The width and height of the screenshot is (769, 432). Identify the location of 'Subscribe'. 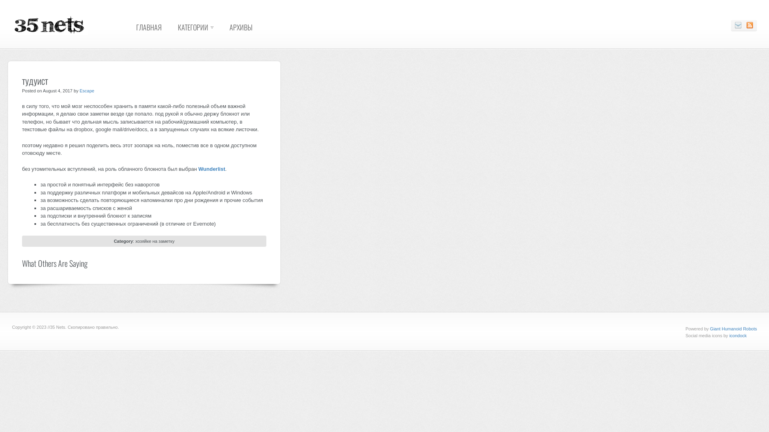
(749, 25).